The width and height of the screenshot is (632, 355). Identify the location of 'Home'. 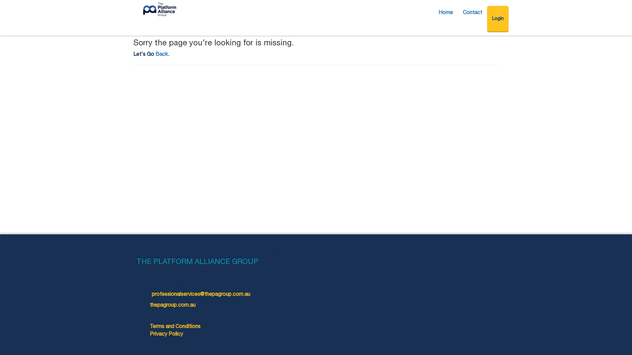
(445, 13).